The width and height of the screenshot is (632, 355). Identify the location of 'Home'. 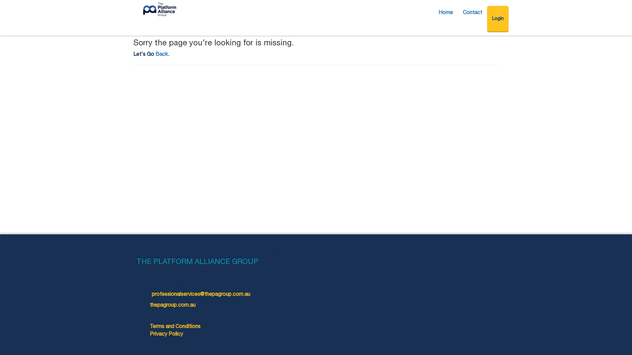
(445, 13).